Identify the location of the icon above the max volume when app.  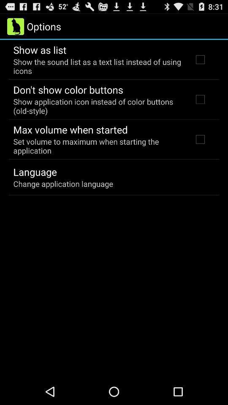
(97, 105).